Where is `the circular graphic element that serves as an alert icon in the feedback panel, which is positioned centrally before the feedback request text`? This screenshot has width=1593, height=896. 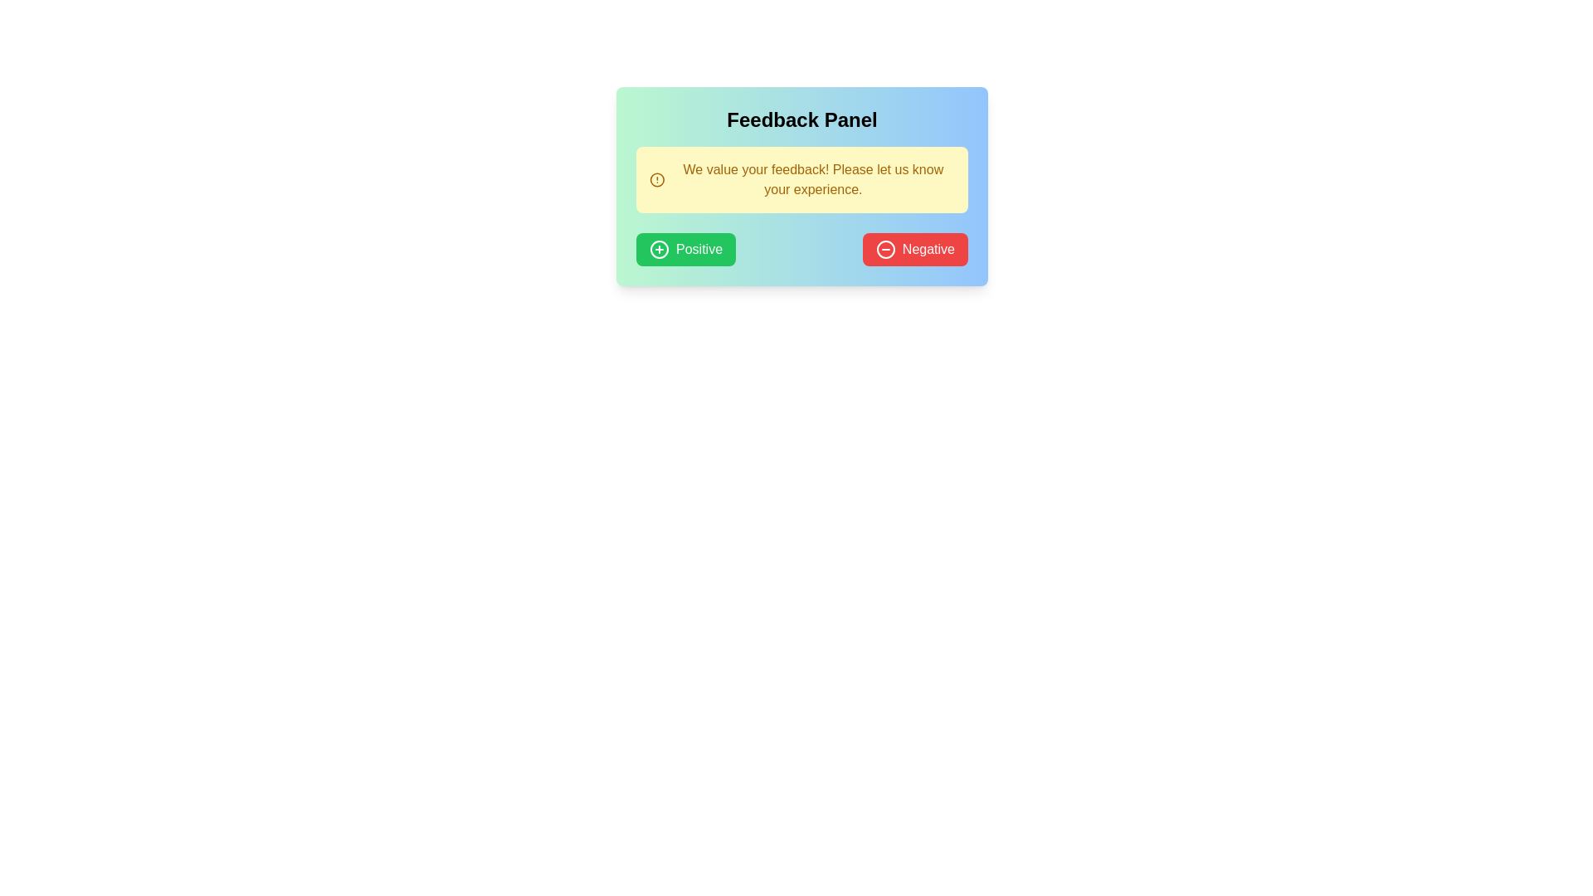 the circular graphic element that serves as an alert icon in the feedback panel, which is positioned centrally before the feedback request text is located at coordinates (656, 179).